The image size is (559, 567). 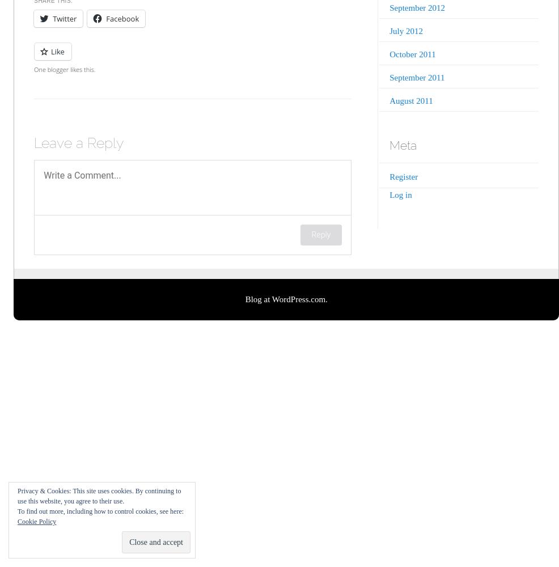 What do you see at coordinates (36, 522) in the screenshot?
I see `'Cookie Policy'` at bounding box center [36, 522].